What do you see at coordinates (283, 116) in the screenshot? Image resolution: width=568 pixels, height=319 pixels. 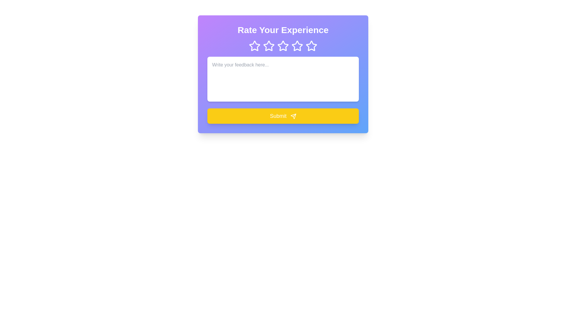 I see `the yellow 'Submit' button with white text and a paper plane icon` at bounding box center [283, 116].